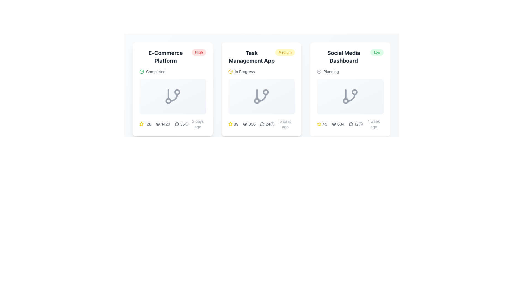  What do you see at coordinates (252, 124) in the screenshot?
I see `the metric display element located within the 'Task Management App' card, which is positioned to the right of an eye icon and to the left of another textual metric` at bounding box center [252, 124].